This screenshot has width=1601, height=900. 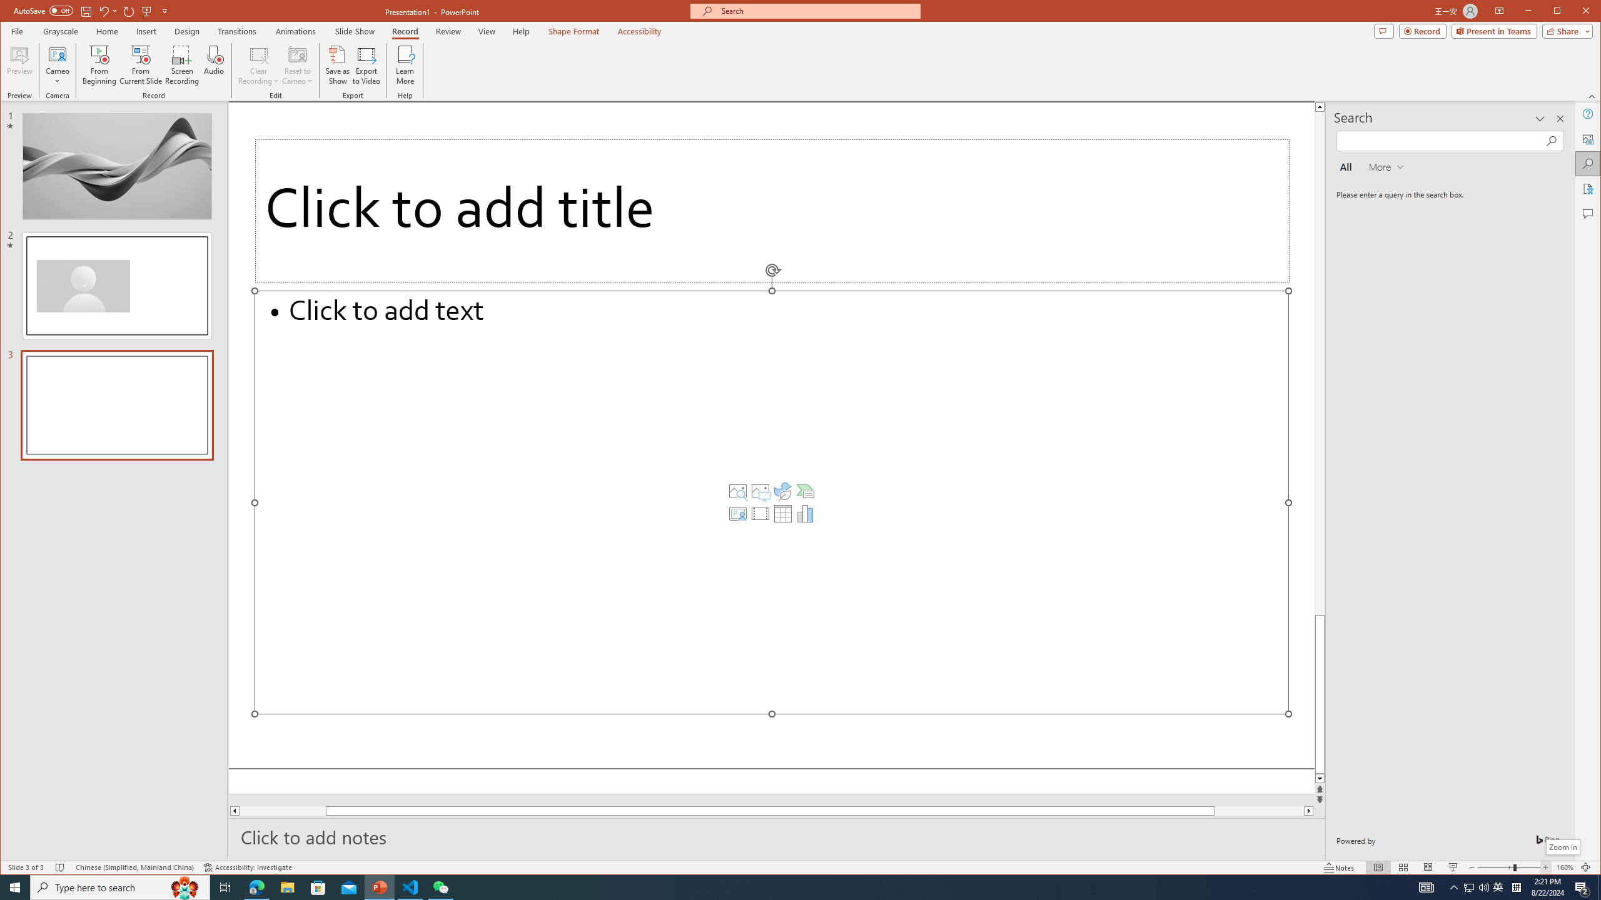 What do you see at coordinates (805, 491) in the screenshot?
I see `'Insert a SmartArt Graphic'` at bounding box center [805, 491].